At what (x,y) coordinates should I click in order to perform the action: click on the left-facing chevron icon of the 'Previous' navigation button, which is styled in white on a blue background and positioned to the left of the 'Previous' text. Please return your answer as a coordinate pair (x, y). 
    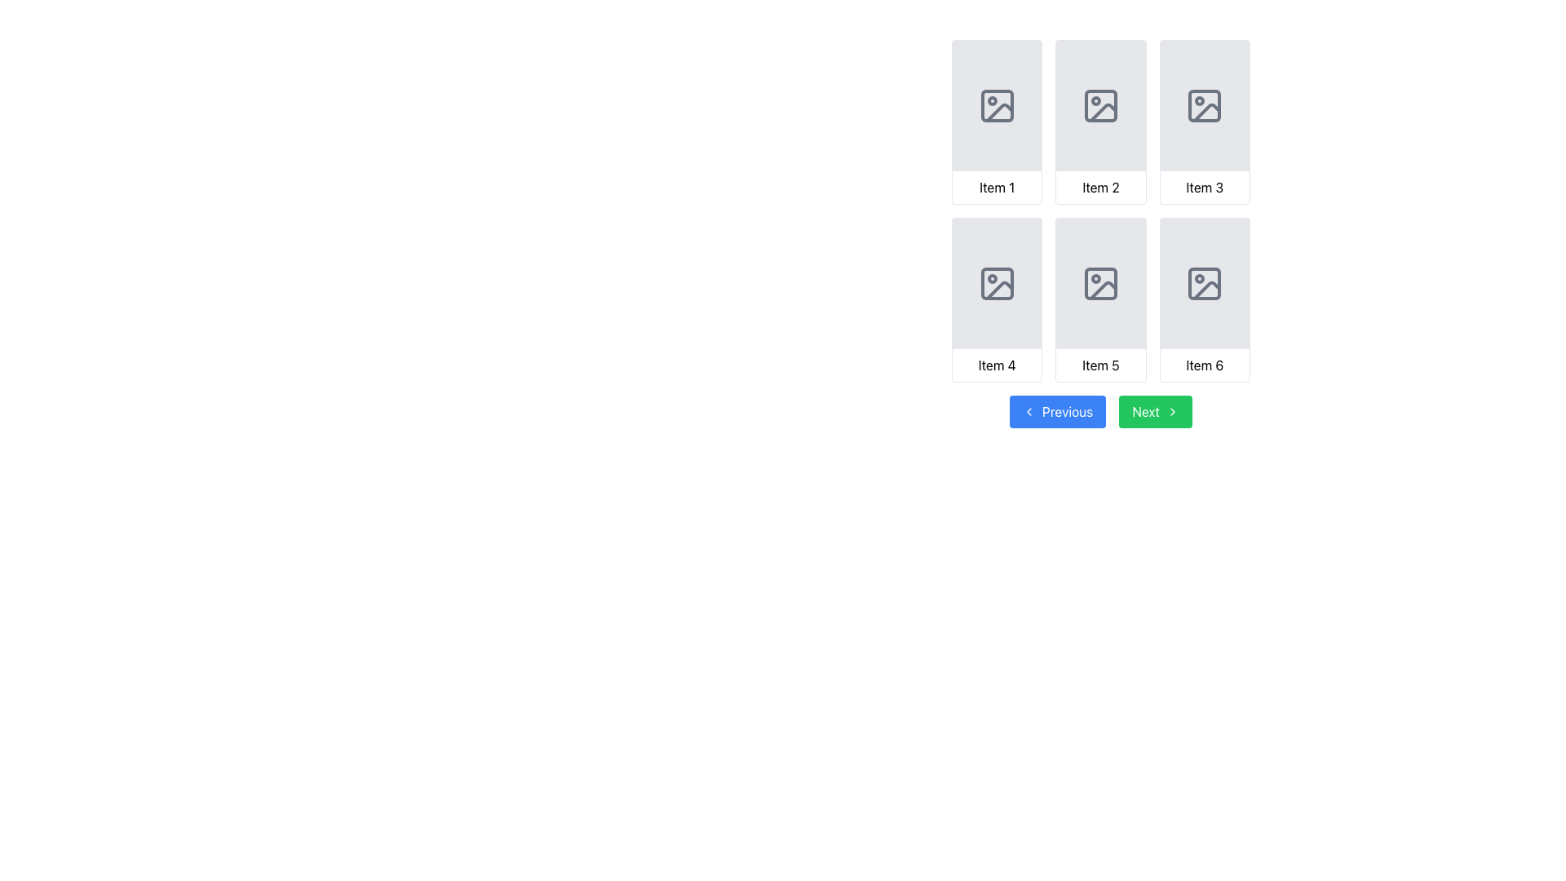
    Looking at the image, I should click on (1029, 411).